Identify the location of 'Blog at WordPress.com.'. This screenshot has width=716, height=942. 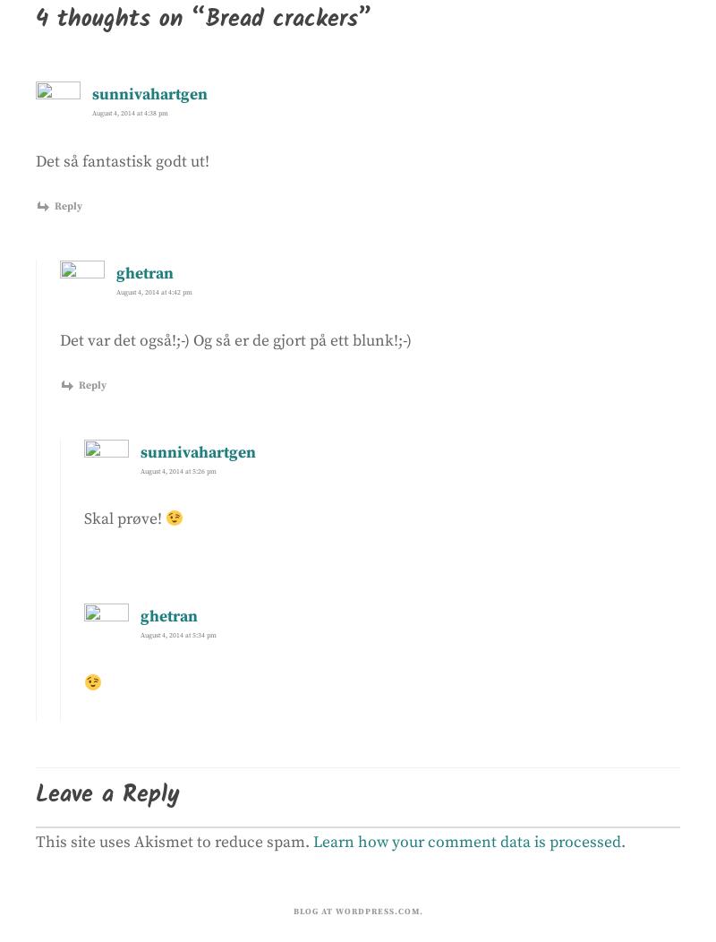
(292, 909).